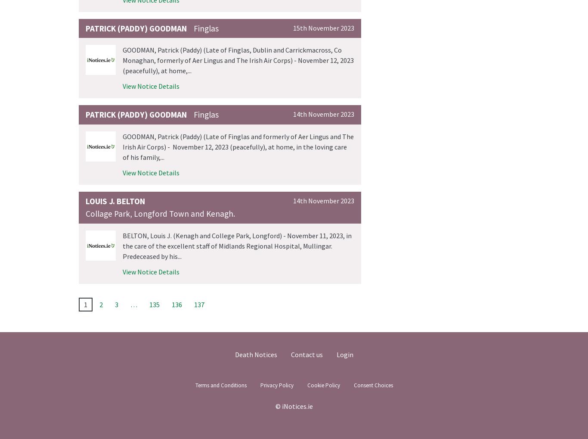 This screenshot has width=588, height=439. I want to click on '© iNotices.ie', so click(293, 405).